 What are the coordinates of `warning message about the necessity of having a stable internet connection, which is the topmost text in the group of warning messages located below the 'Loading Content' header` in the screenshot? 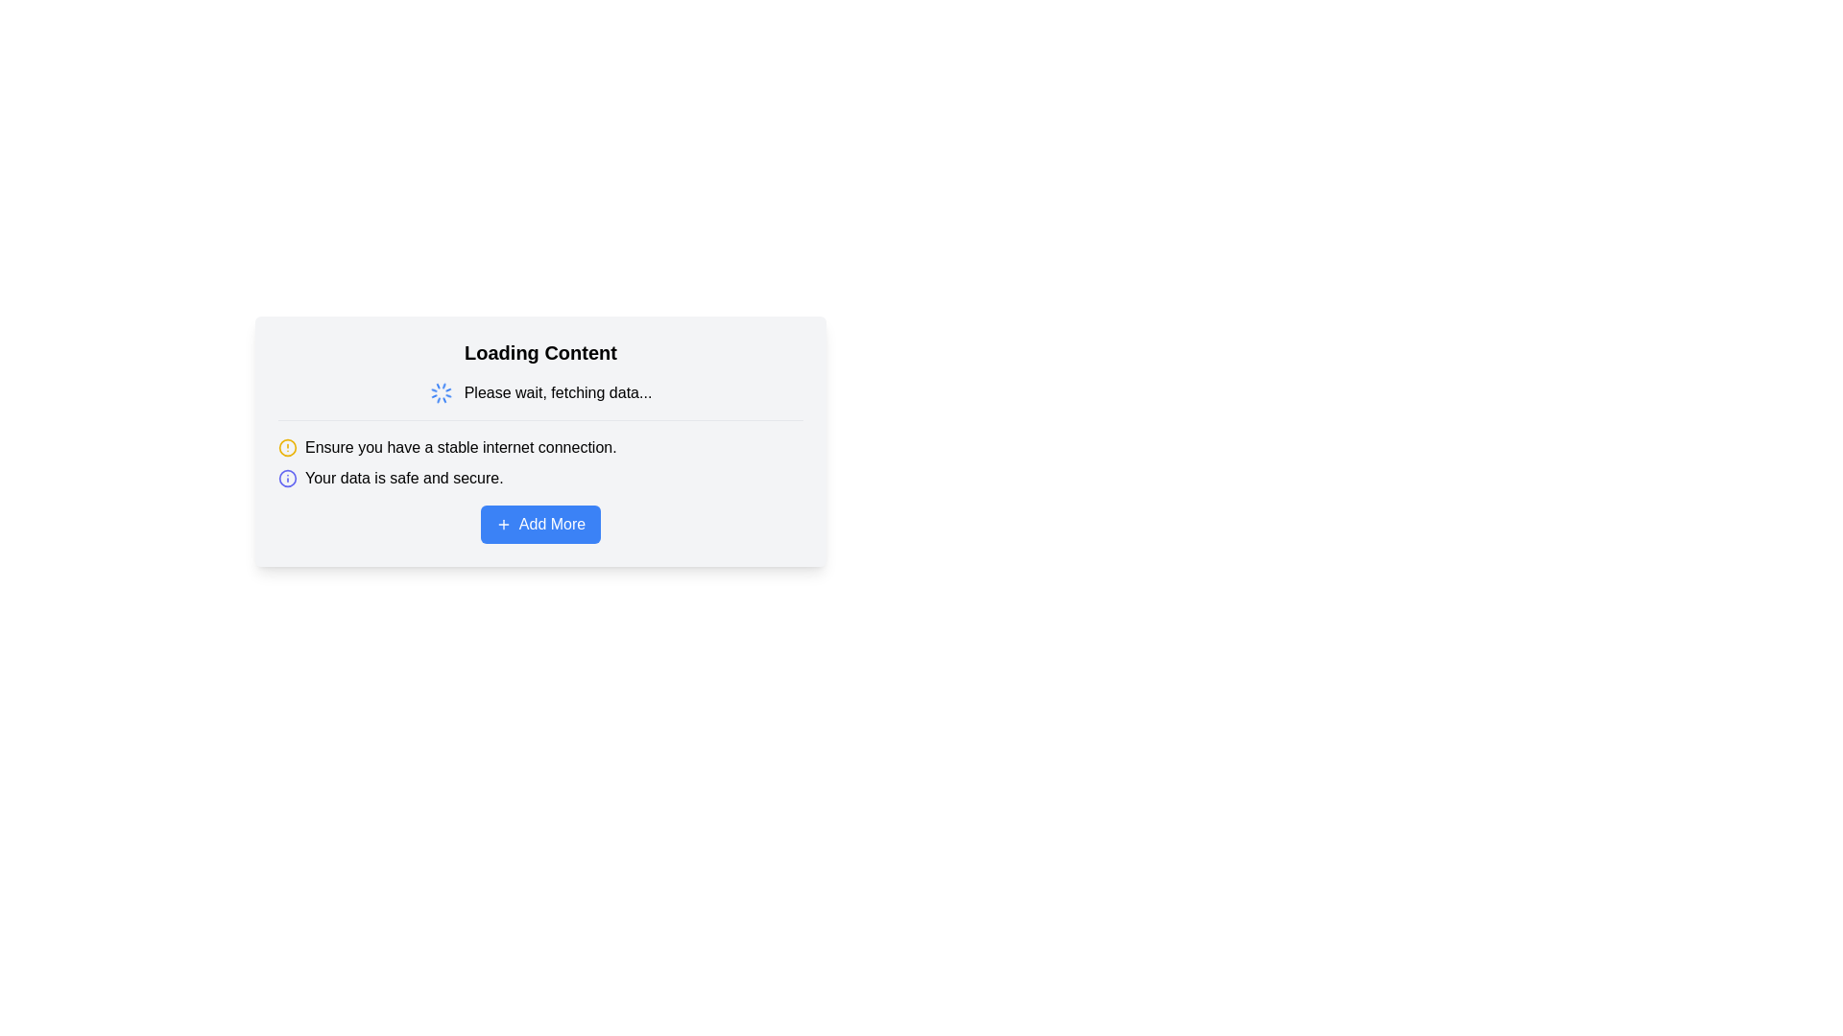 It's located at (446, 447).